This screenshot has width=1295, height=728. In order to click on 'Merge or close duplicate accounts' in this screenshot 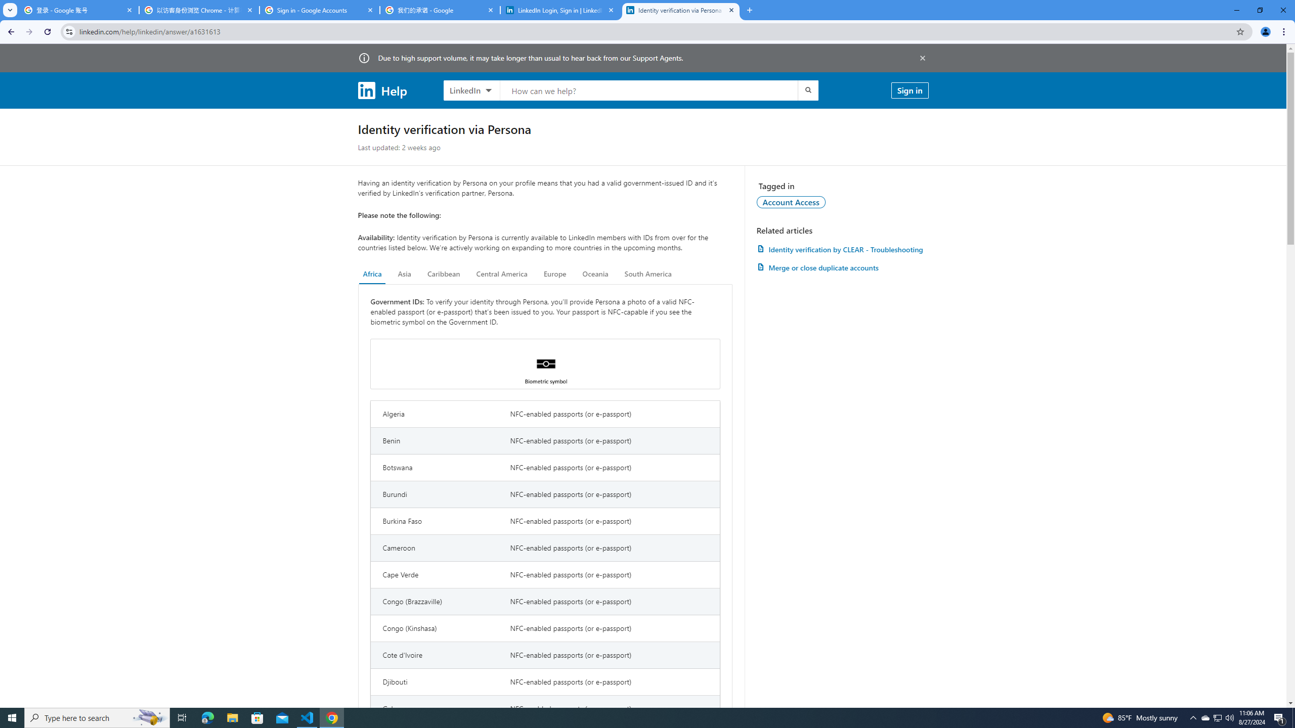, I will do `click(842, 267)`.